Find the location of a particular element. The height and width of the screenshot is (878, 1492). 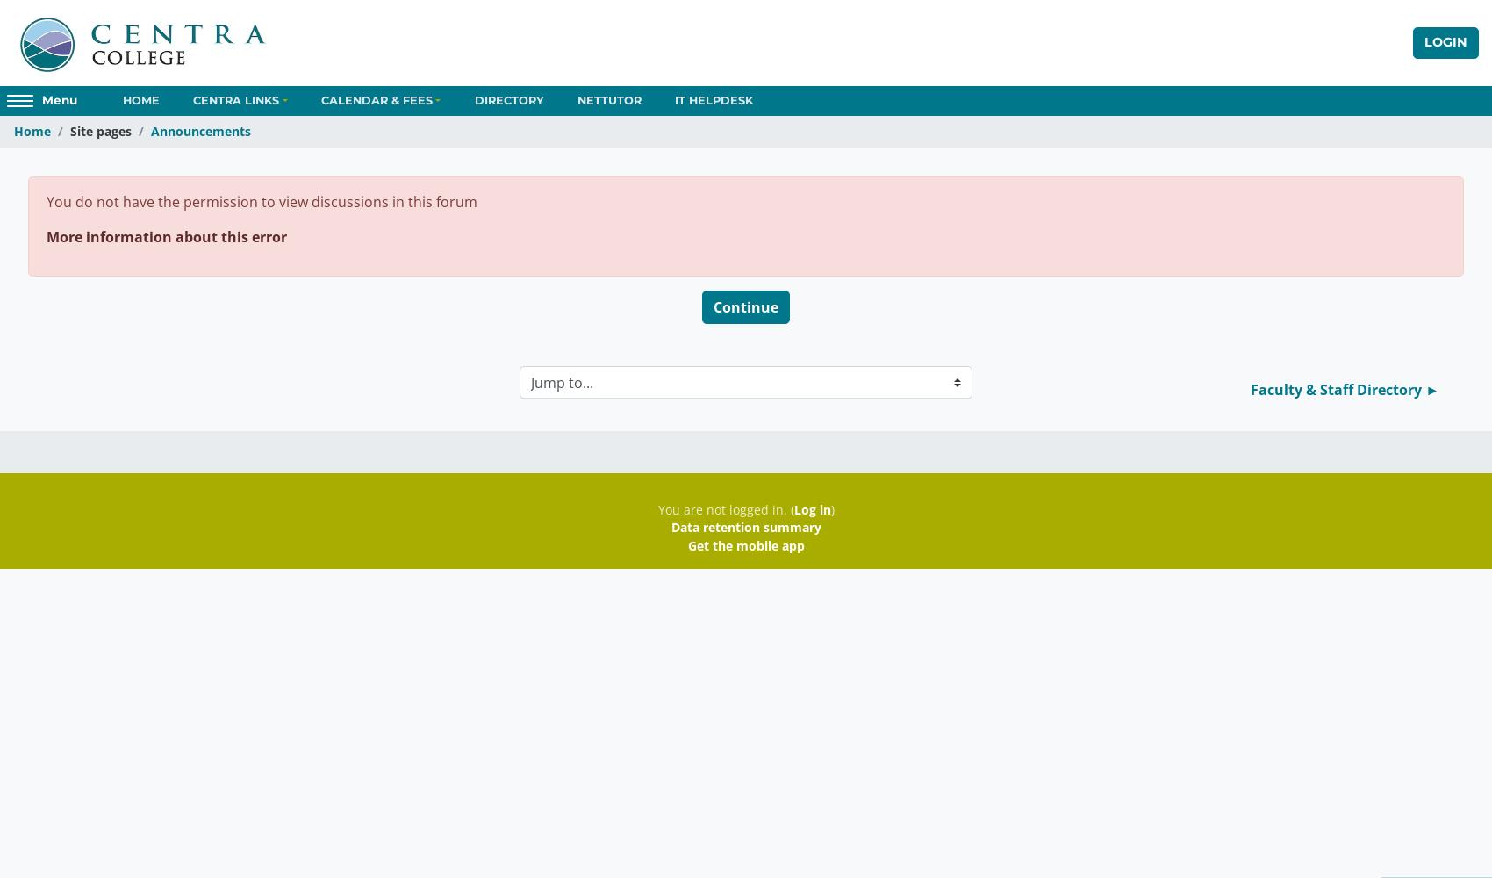

'You are not logged in. (' is located at coordinates (724, 507).